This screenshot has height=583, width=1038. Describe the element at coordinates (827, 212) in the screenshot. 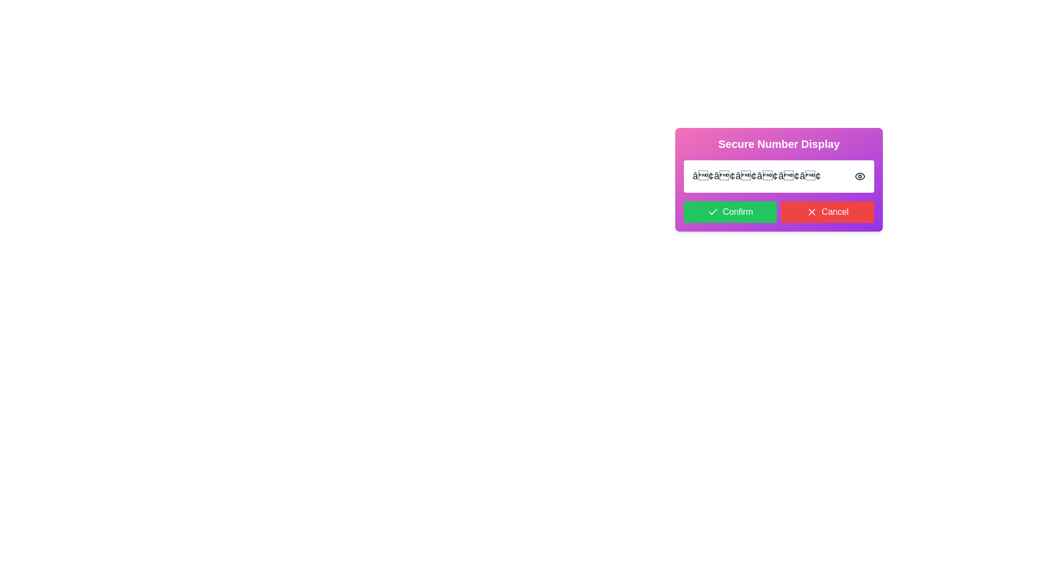

I see `the 'Cancel' button with a red background and white text accompanied by an 'X' icon, which is the second button from the left in the control panel below the secure input field` at that location.